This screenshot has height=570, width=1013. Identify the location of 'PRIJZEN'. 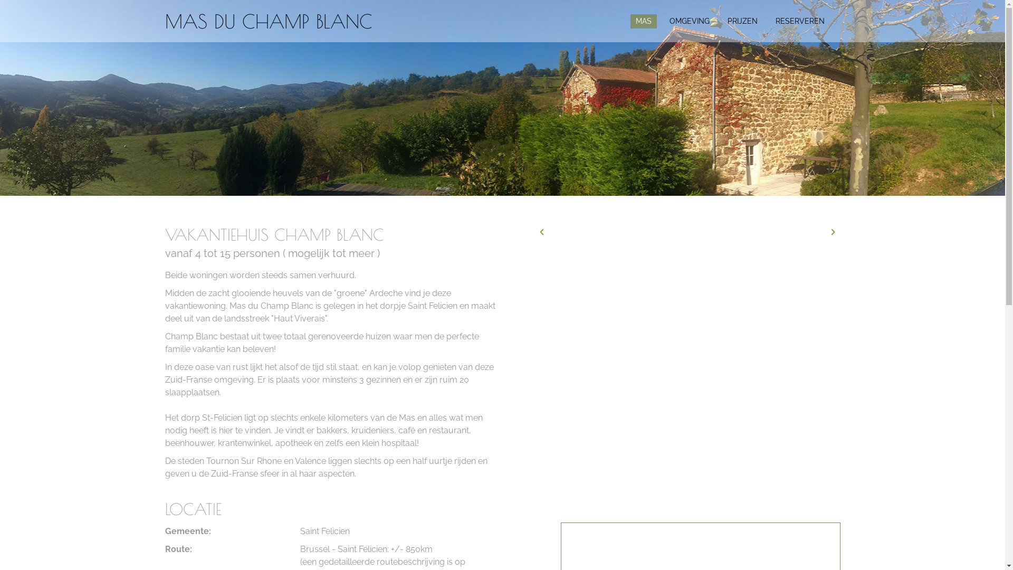
(741, 21).